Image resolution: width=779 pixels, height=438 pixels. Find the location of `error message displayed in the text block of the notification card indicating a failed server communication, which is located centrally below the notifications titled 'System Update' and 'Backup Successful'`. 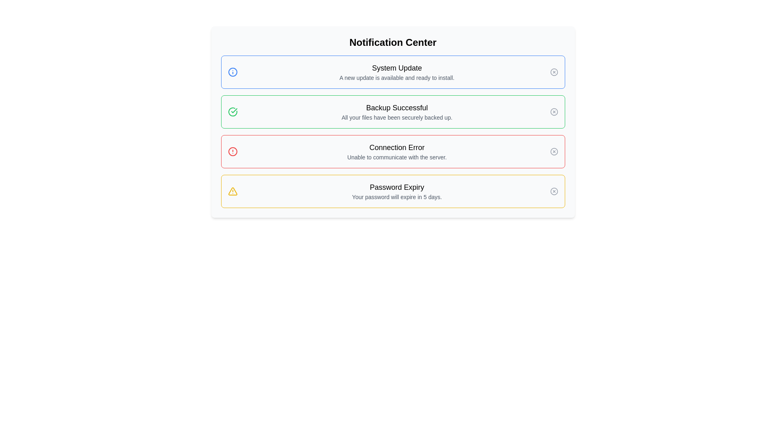

error message displayed in the text block of the notification card indicating a failed server communication, which is located centrally below the notifications titled 'System Update' and 'Backup Successful' is located at coordinates (397, 152).